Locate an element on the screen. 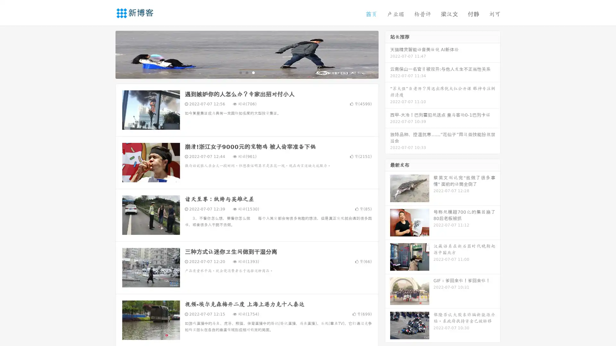 The image size is (616, 346). Go to slide 2 is located at coordinates (246, 72).